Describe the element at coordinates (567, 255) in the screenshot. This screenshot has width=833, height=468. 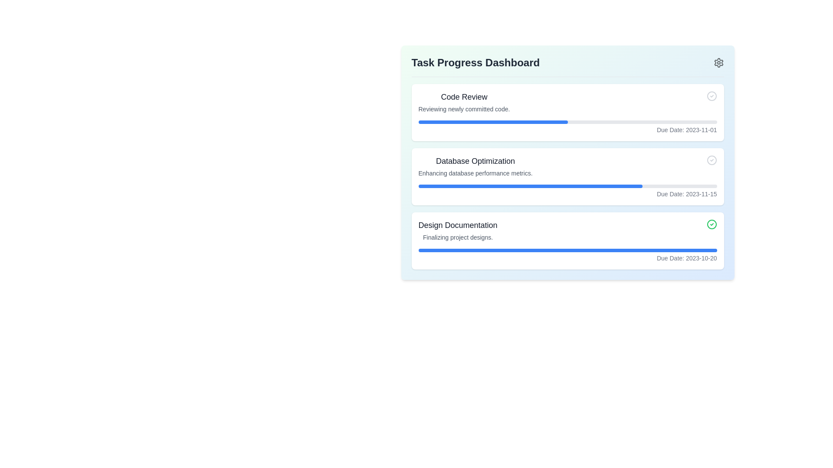
I see `due date displayed in the Text Label located at the bottom section of the 'Design Documentation' task card, specifically in the lower-right corner below the progress bar` at that location.